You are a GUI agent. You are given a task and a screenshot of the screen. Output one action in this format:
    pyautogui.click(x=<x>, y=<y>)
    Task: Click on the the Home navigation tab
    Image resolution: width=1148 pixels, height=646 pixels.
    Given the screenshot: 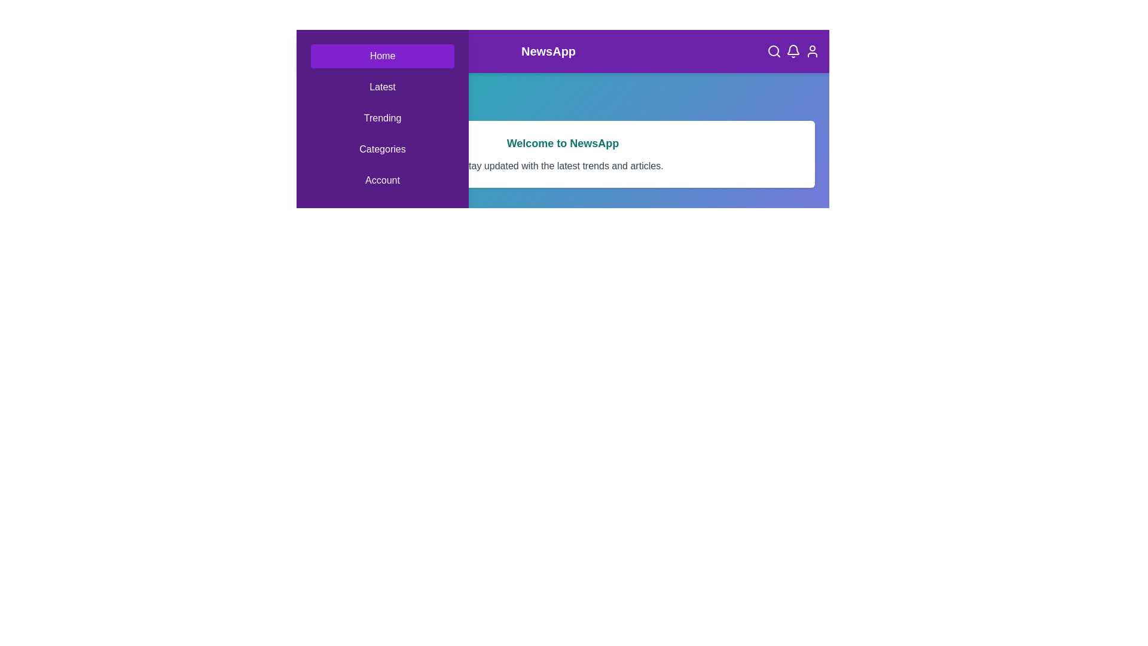 What is the action you would take?
    pyautogui.click(x=381, y=56)
    